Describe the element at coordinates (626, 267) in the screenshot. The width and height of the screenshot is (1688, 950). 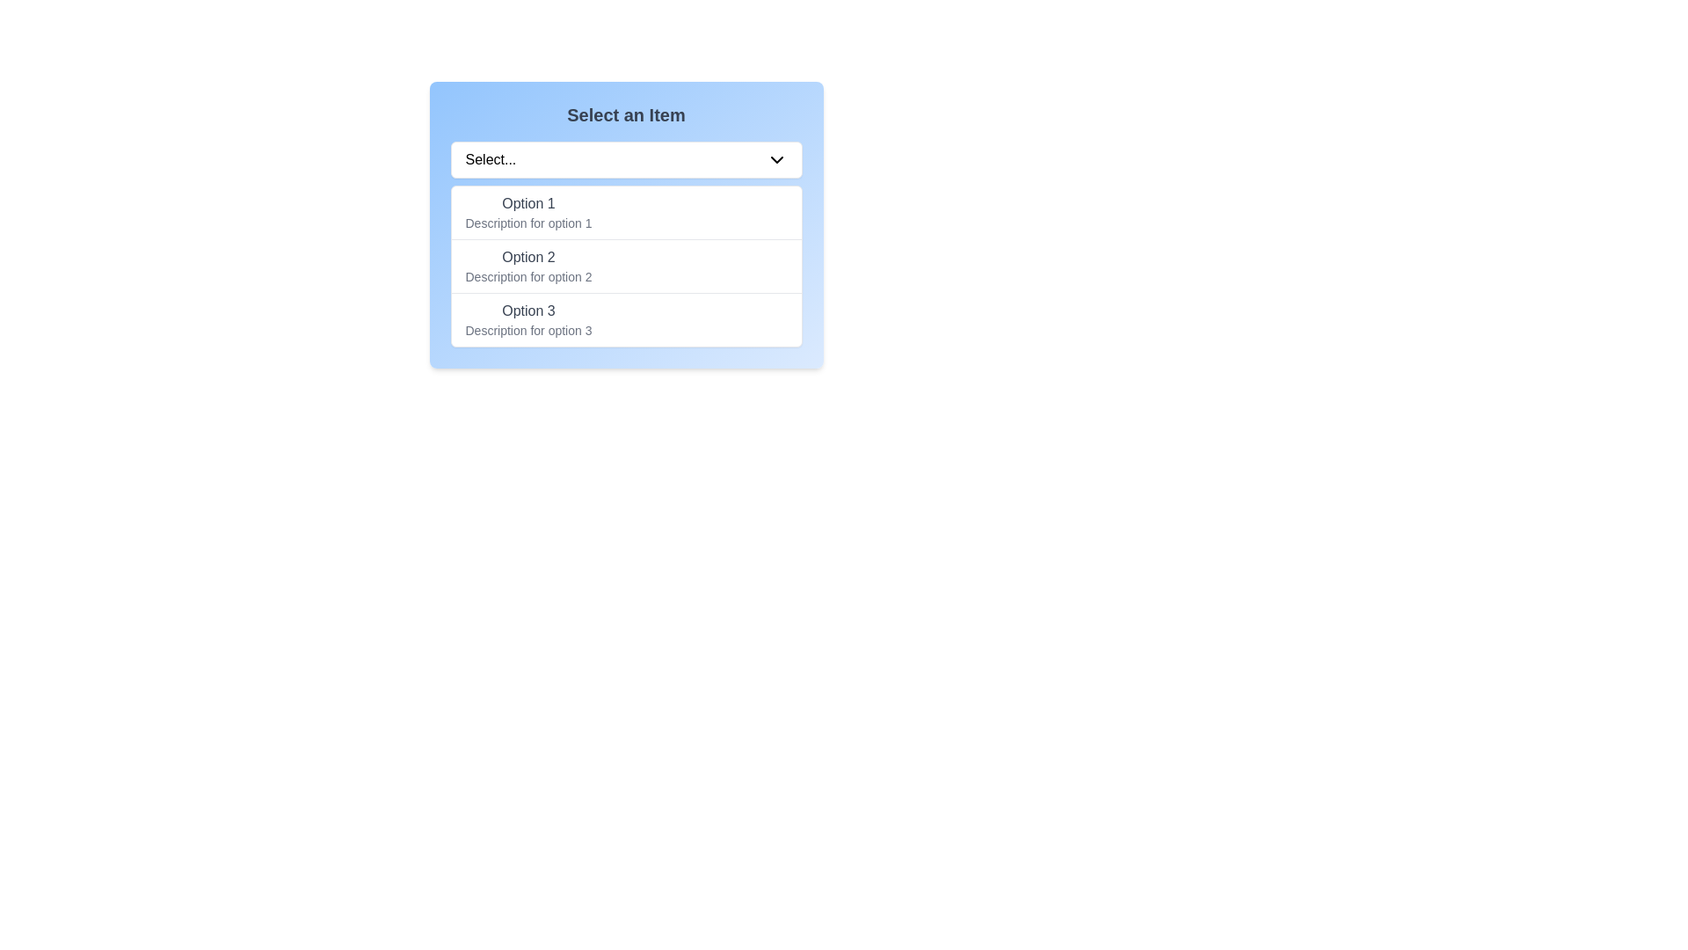
I see `the dropdown menu containing multiple selectable options, which is located below the 'Select...' dropdown and is the second in the list of similar elements` at that location.